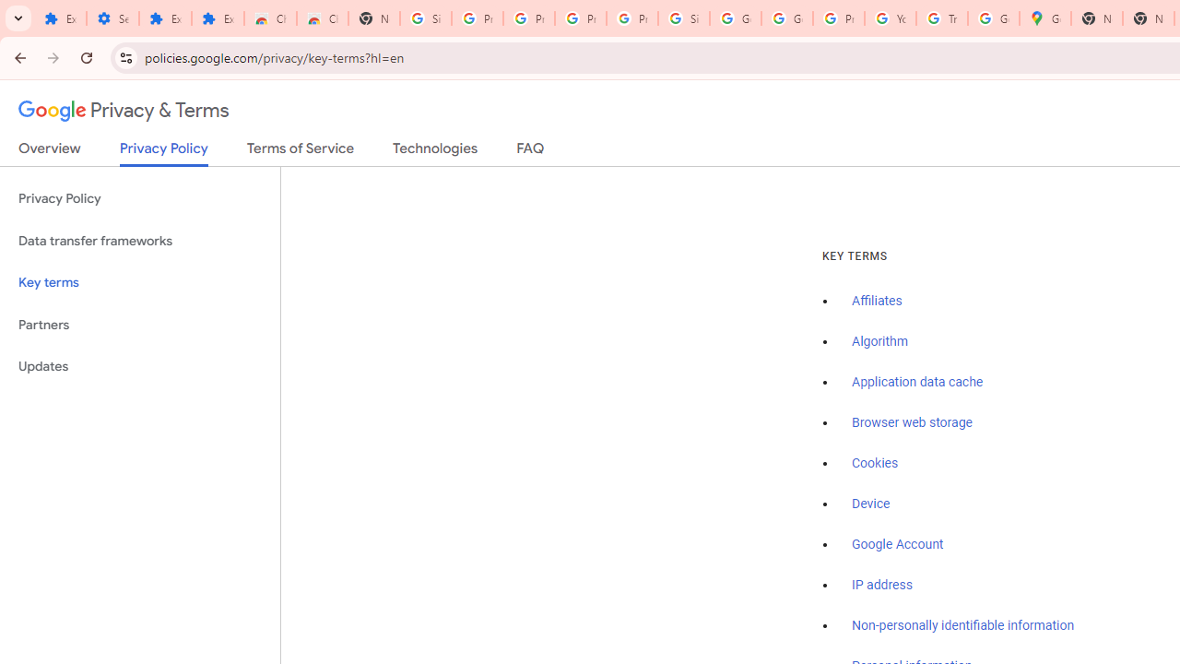 The height and width of the screenshot is (664, 1180). What do you see at coordinates (879, 342) in the screenshot?
I see `'Algorithm'` at bounding box center [879, 342].